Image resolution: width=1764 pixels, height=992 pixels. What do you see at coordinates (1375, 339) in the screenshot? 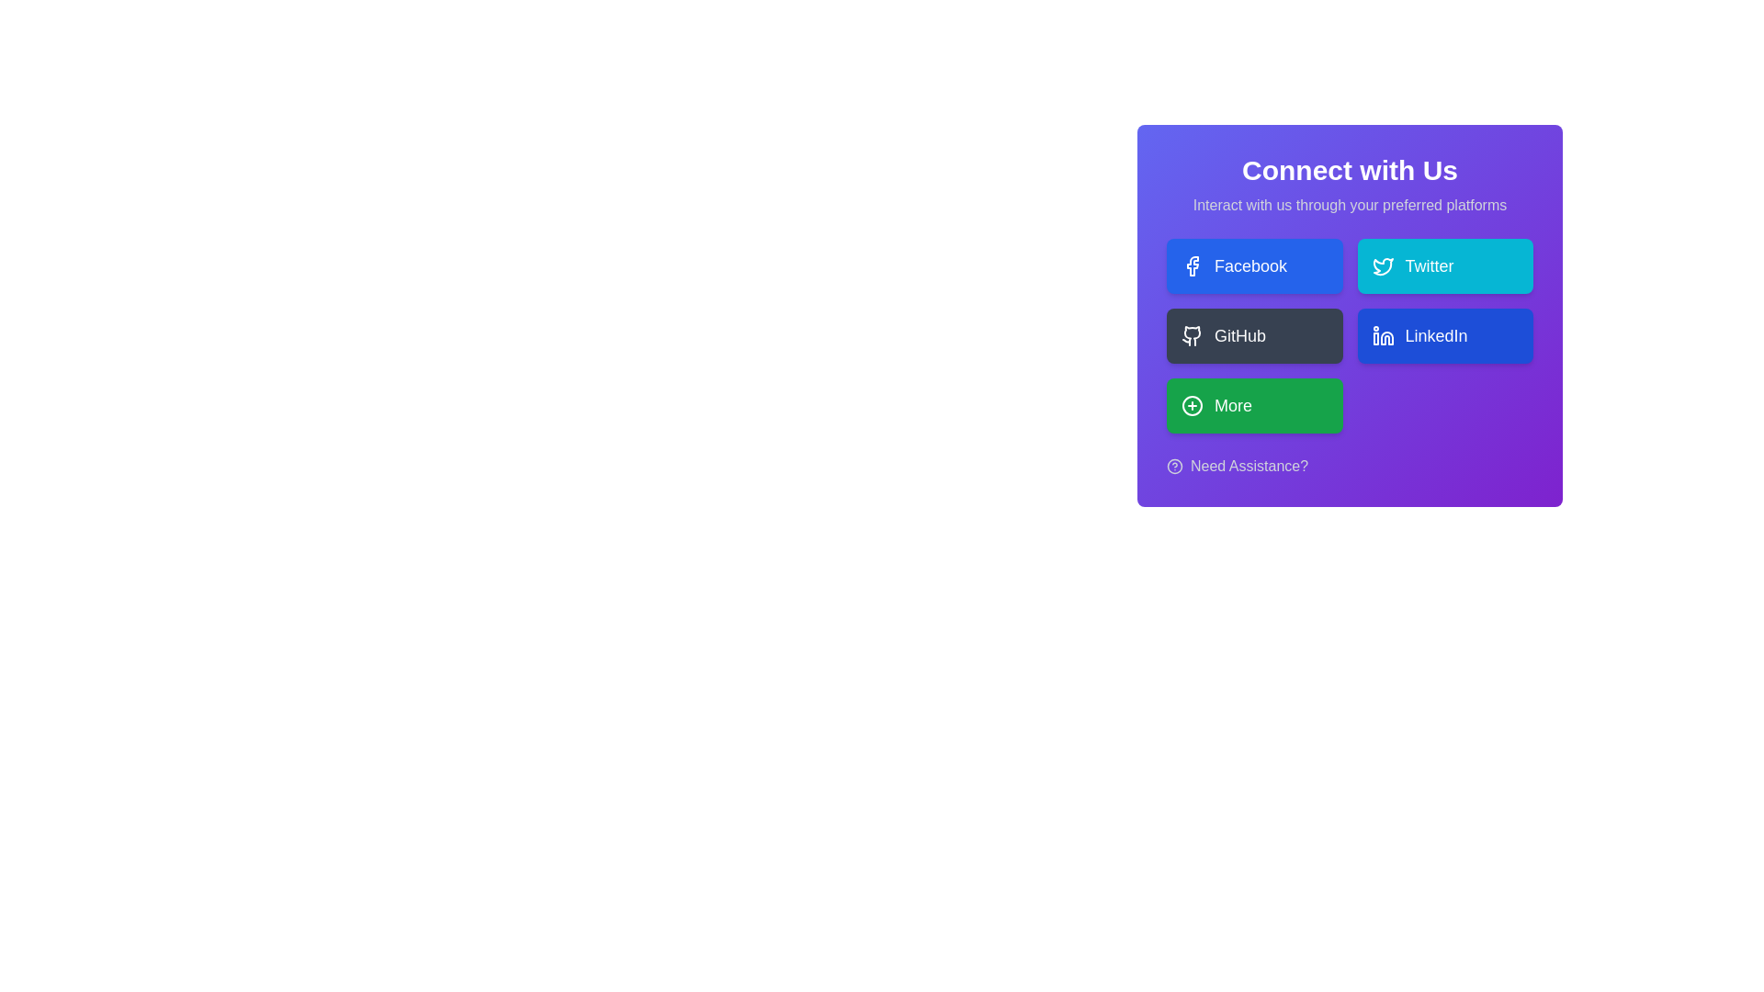
I see `the vertical rectangle within the LinkedIn icon located in the third column of the second row of the platform selection panel` at bounding box center [1375, 339].